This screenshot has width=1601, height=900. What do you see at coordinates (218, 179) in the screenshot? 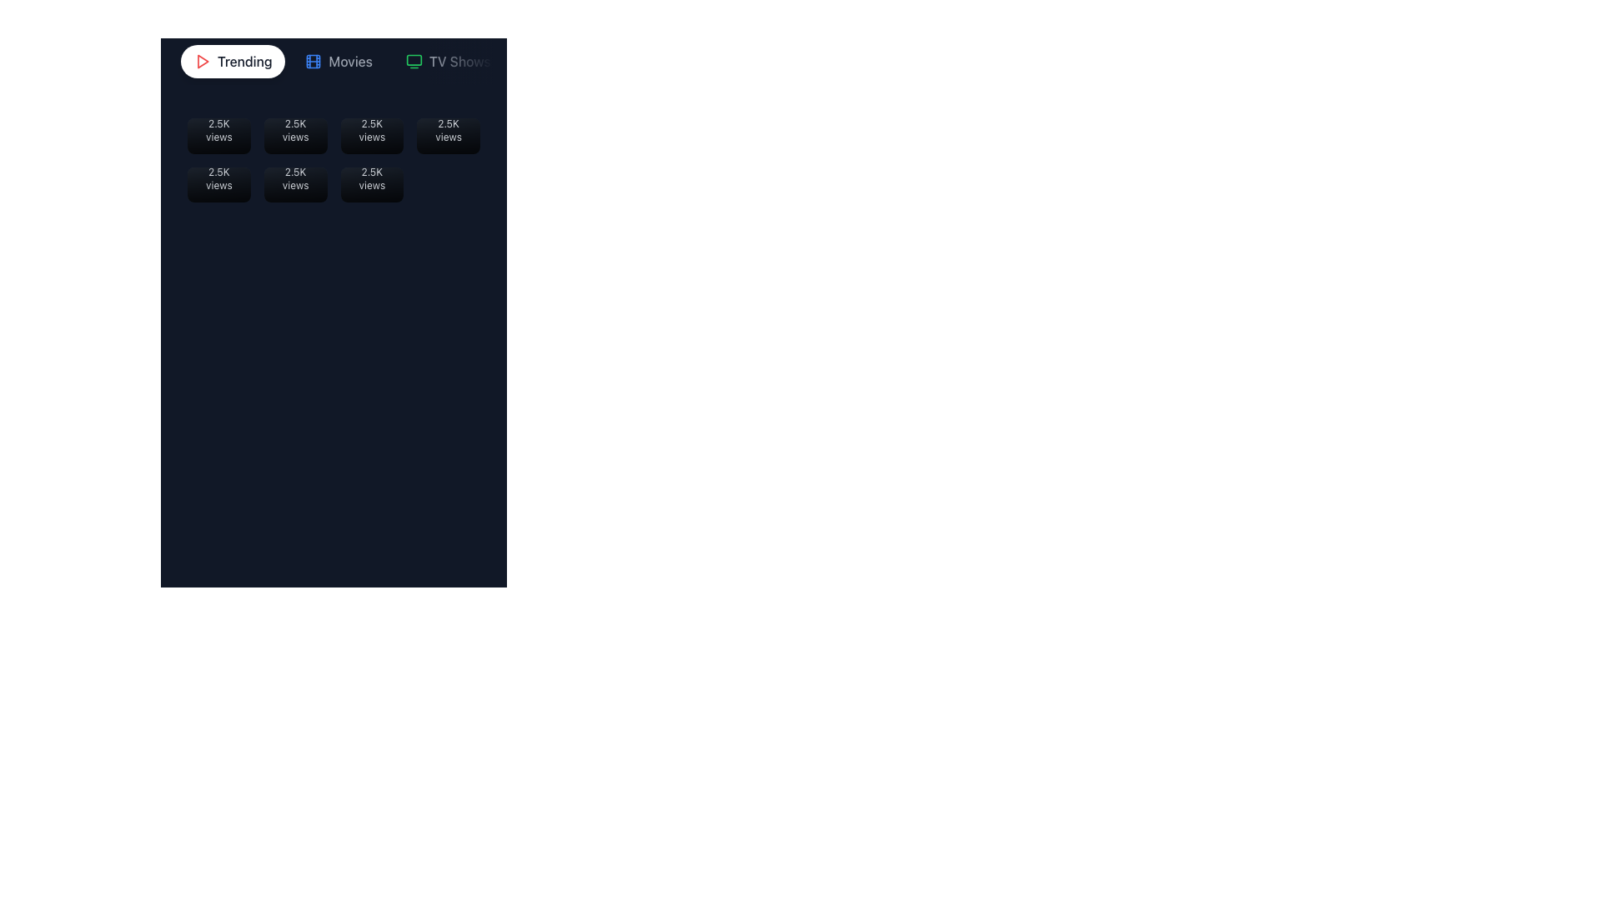
I see `the gray text label displaying '2.5K views' located at the bottom of a card in the first row and left-most column of a 2x3 grid layout` at bounding box center [218, 179].